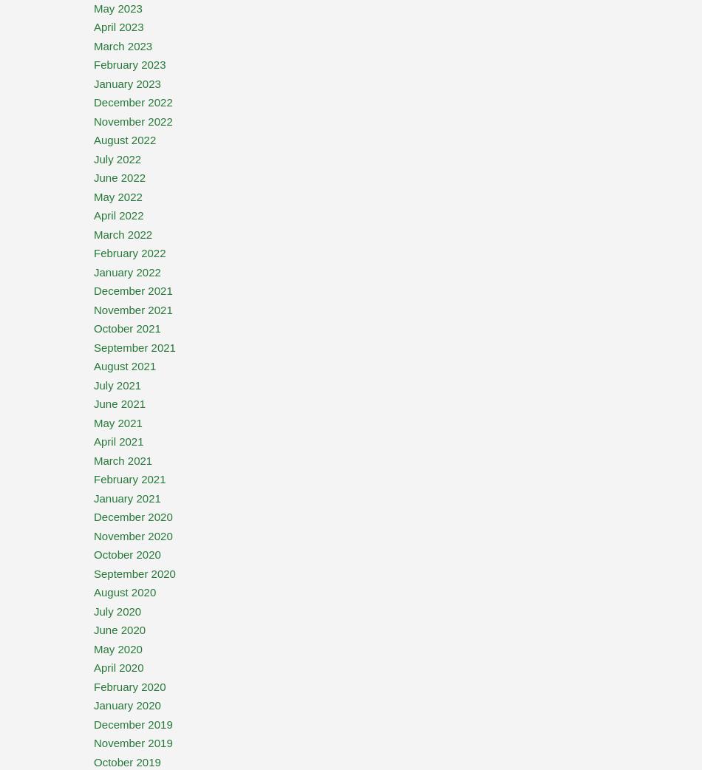 This screenshot has width=702, height=770. Describe the element at coordinates (117, 421) in the screenshot. I see `'May 2021'` at that location.